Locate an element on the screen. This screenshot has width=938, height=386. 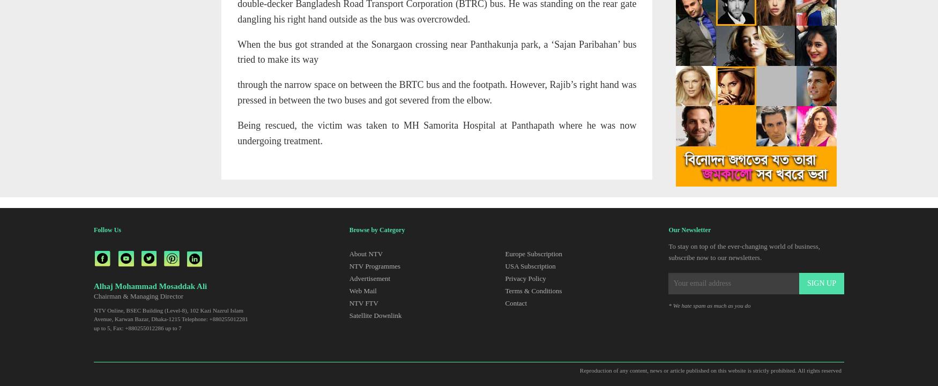
'Web Mail' is located at coordinates (362, 290).